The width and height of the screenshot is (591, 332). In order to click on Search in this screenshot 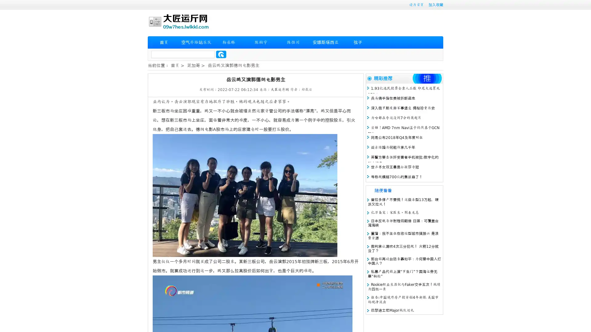, I will do `click(221, 54)`.